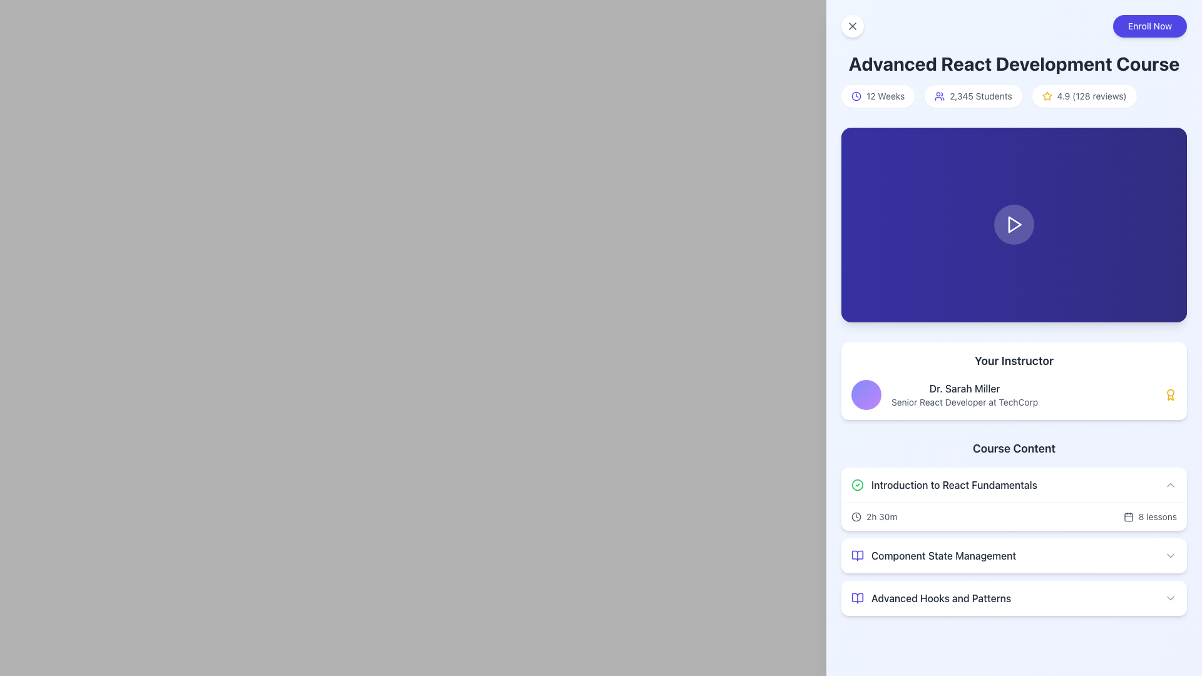 This screenshot has width=1202, height=676. What do you see at coordinates (873, 516) in the screenshot?
I see `the Text with icon that indicates the duration of the course module, which spans 2 hours and 30 minutes, located in the 'Introduction to React Fundamentals' section of the 'Course Content', horizontally positioned to the left of the text '8 lessons'` at bounding box center [873, 516].